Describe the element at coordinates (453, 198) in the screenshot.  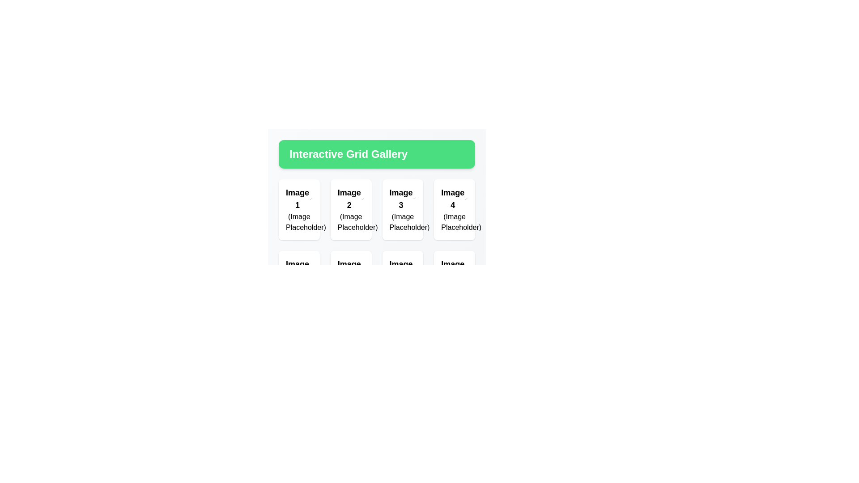
I see `the text label displaying 'Image 4', which is styled with a larger font size and bold weight, located at the top-center of the fourth grid item in the first row of the gallery interface` at that location.